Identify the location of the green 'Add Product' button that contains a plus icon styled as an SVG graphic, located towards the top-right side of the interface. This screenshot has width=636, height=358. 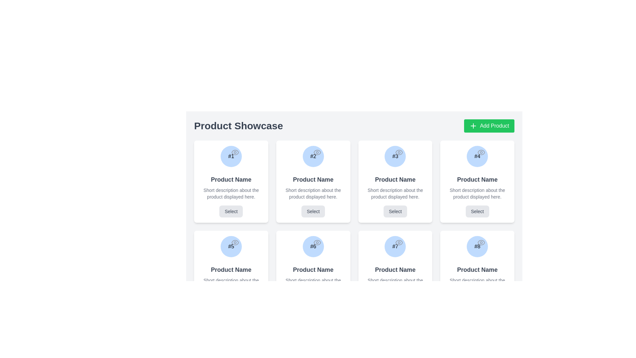
(473, 126).